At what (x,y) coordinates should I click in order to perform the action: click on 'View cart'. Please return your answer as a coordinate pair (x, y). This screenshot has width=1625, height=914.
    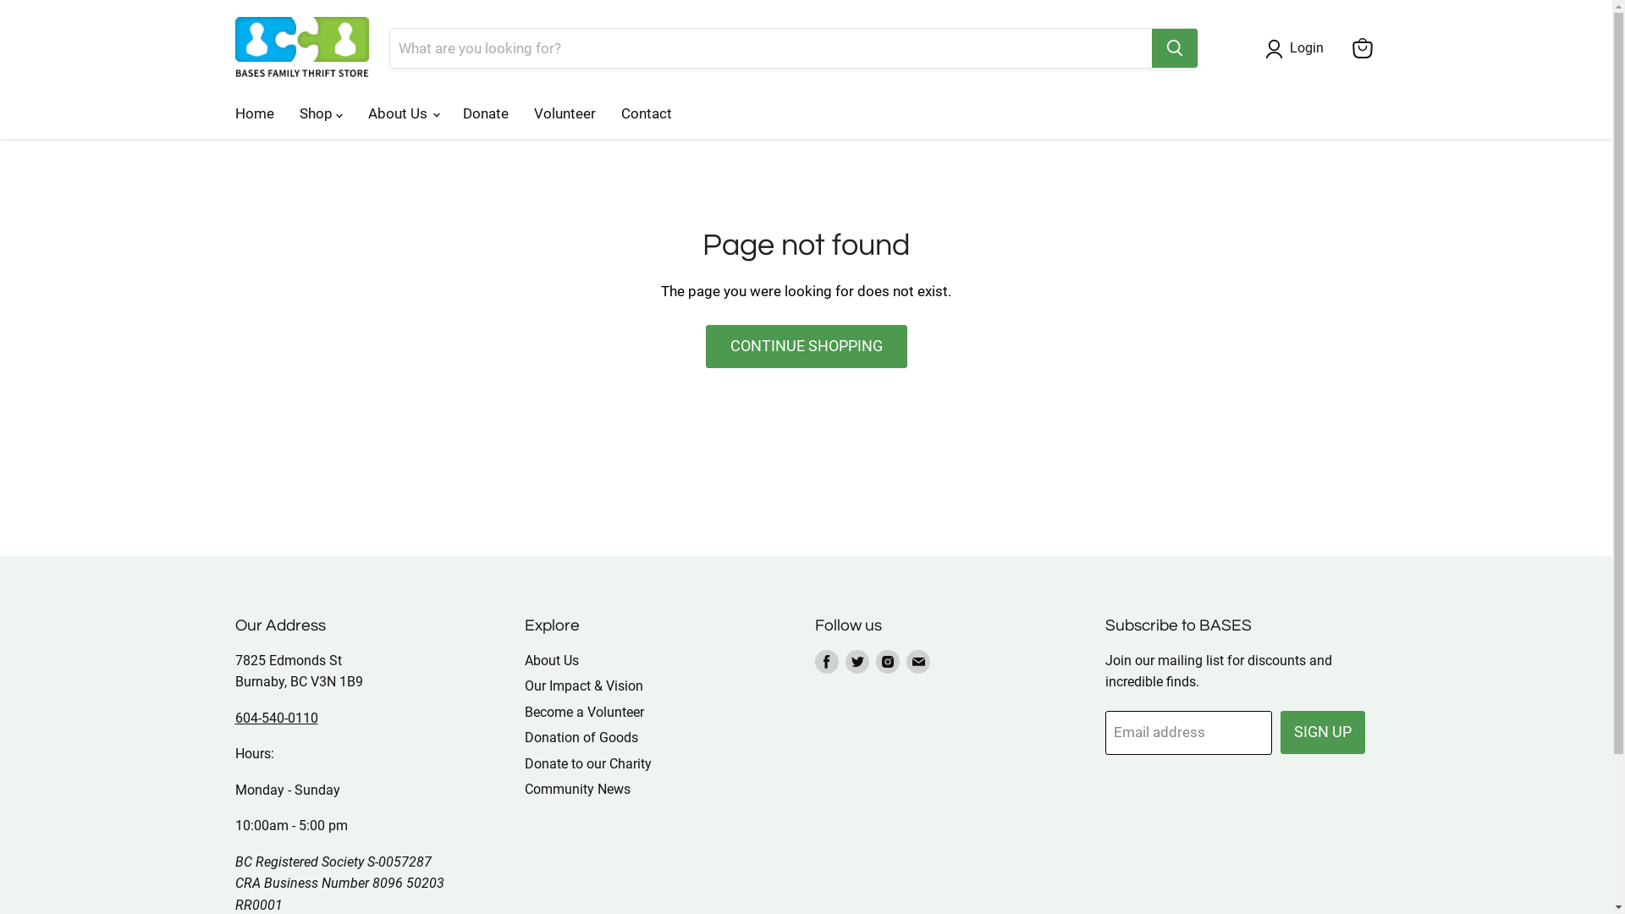
    Looking at the image, I should click on (1343, 47).